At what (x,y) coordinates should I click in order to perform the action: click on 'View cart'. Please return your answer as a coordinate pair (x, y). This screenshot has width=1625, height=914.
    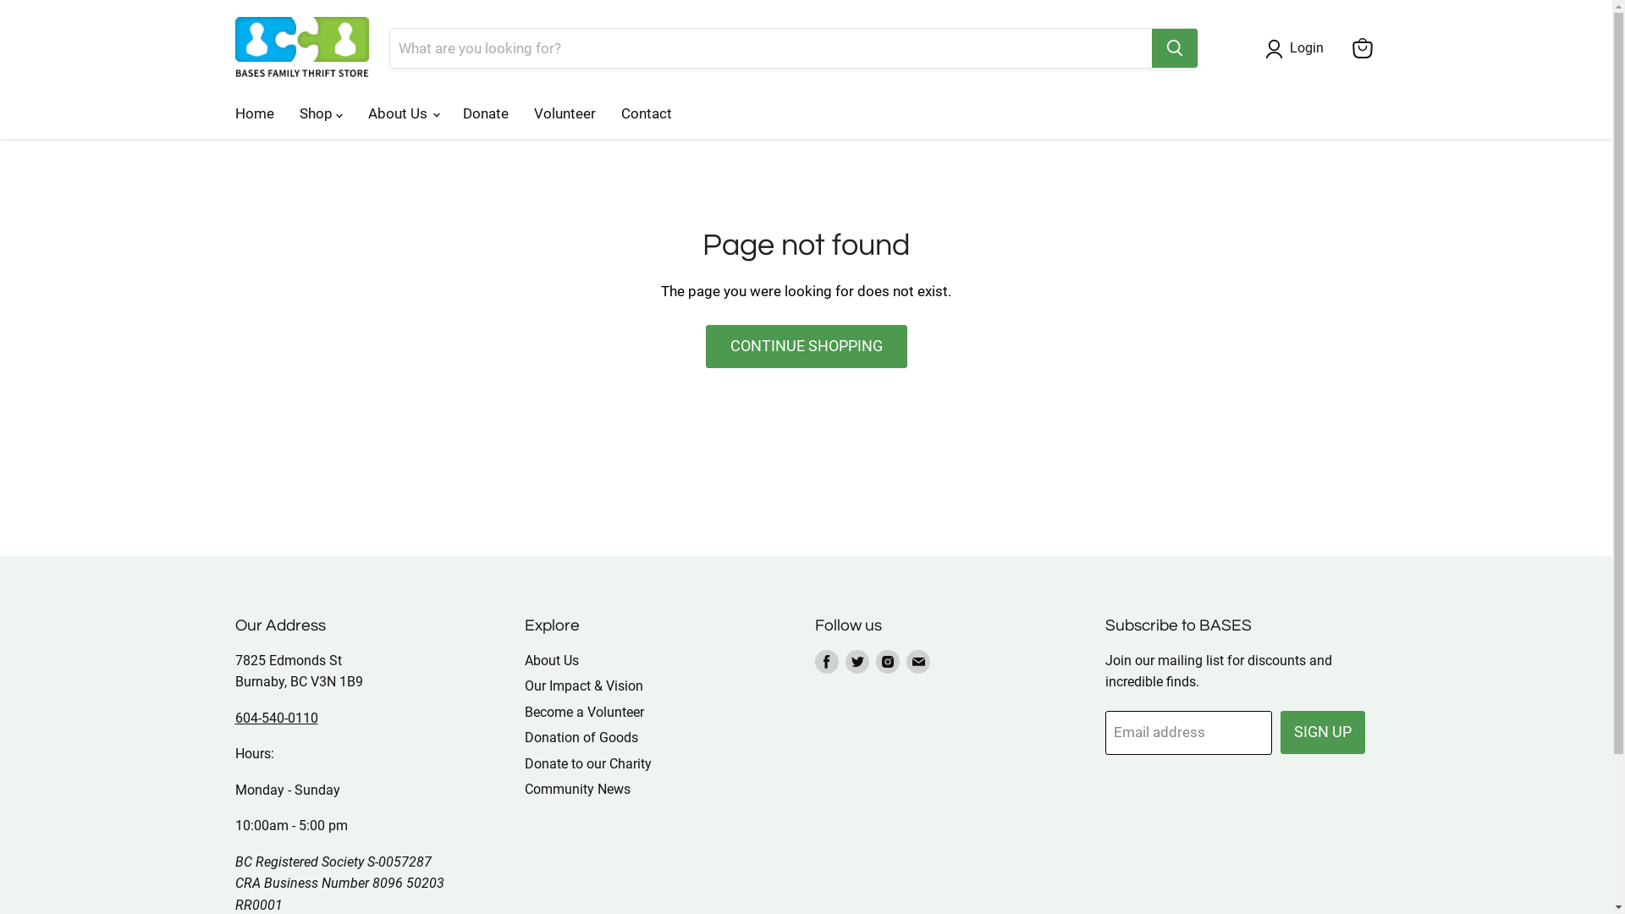
    Looking at the image, I should click on (1343, 47).